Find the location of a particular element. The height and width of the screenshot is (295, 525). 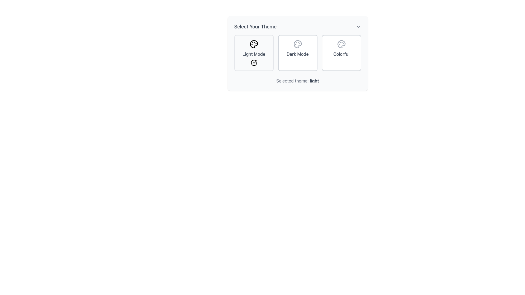

the Option card labeled 'Colorful', which features a palette icon and is the third card in the theme options layout is located at coordinates (341, 53).